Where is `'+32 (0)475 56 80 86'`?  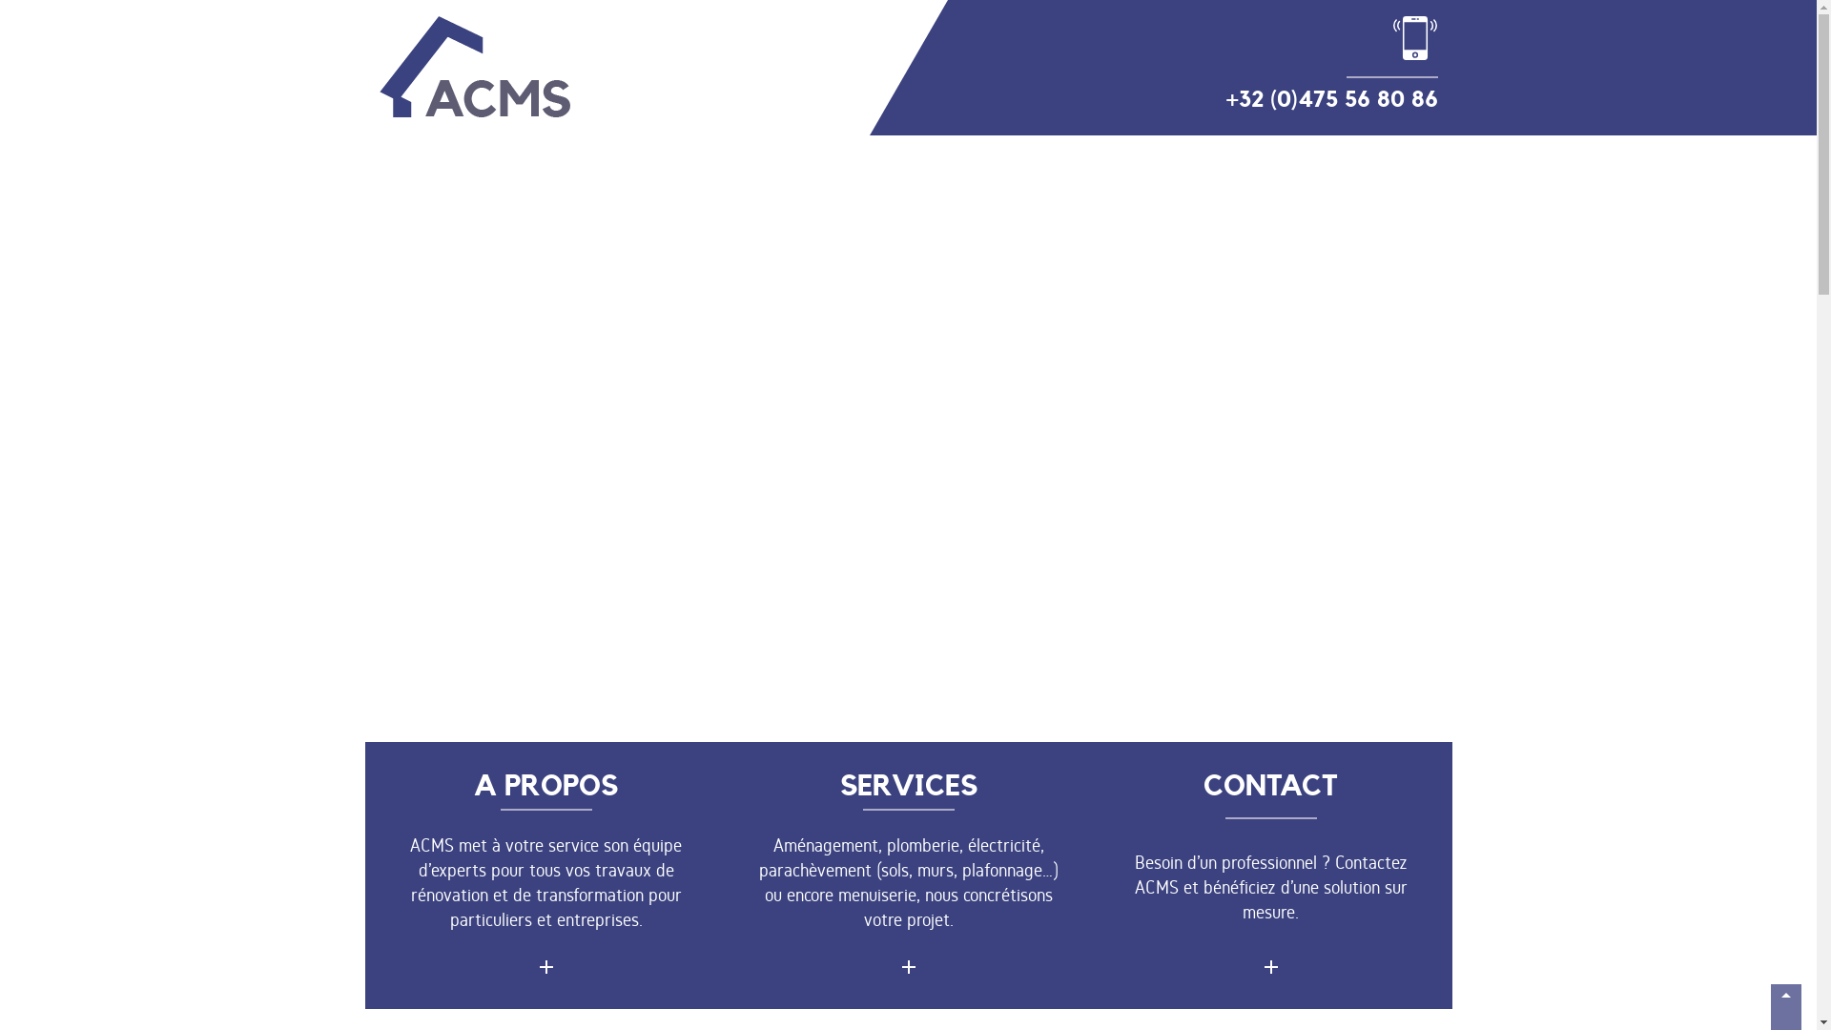
'+32 (0)475 56 80 86' is located at coordinates (1330, 64).